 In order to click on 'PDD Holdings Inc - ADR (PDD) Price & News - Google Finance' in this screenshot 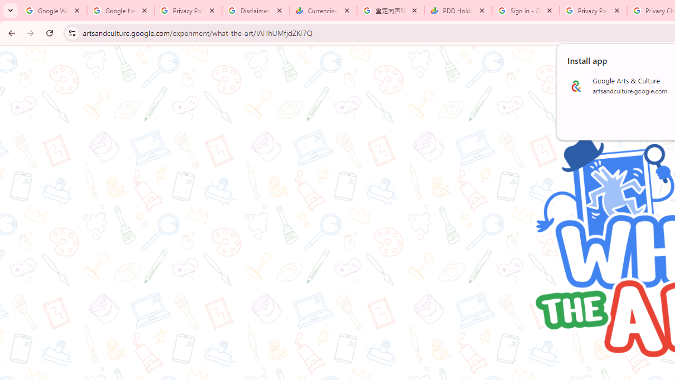, I will do `click(458, 11)`.